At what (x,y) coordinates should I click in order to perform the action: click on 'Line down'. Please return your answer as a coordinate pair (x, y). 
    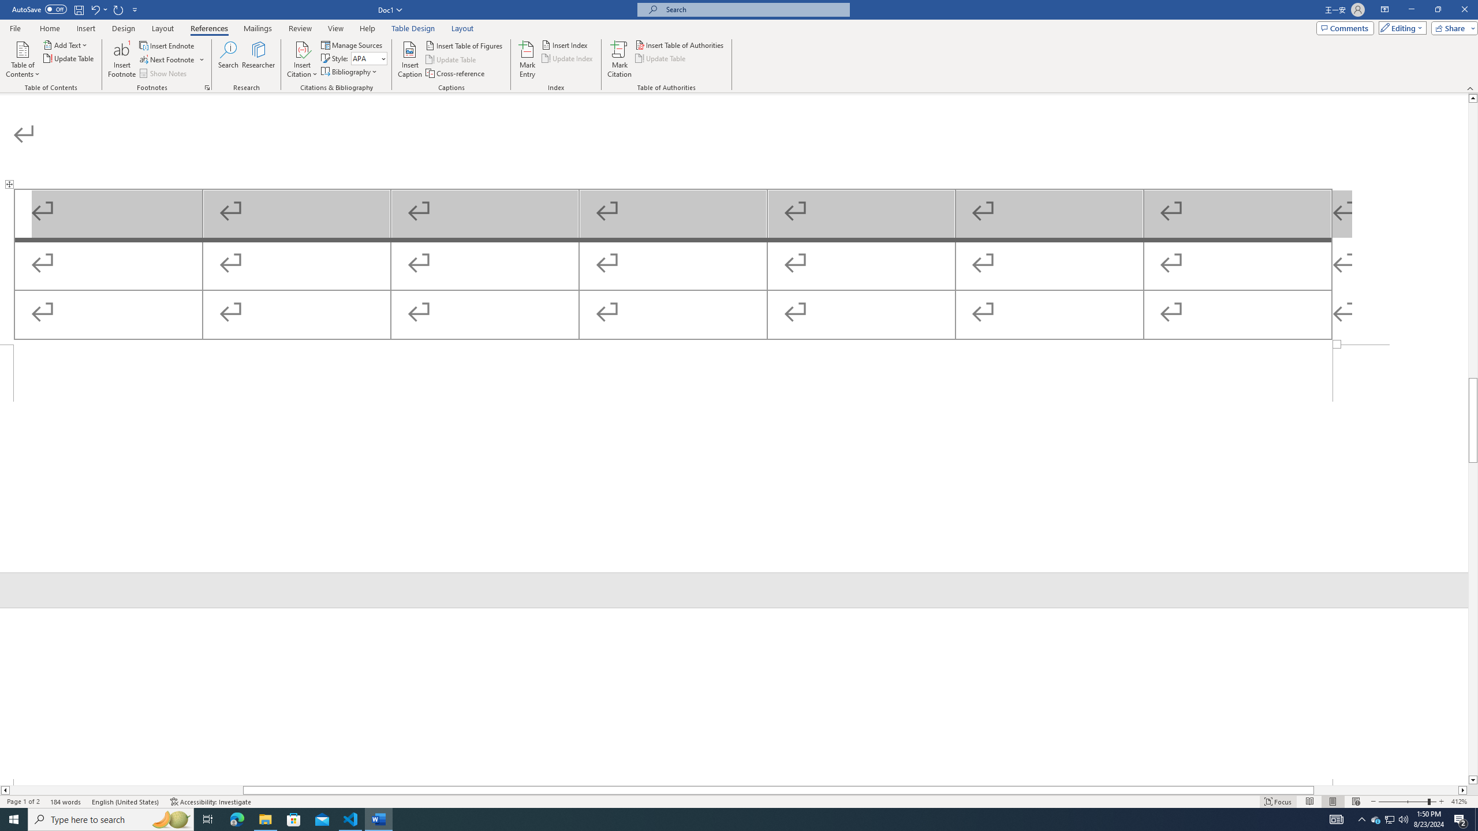
    Looking at the image, I should click on (1473, 780).